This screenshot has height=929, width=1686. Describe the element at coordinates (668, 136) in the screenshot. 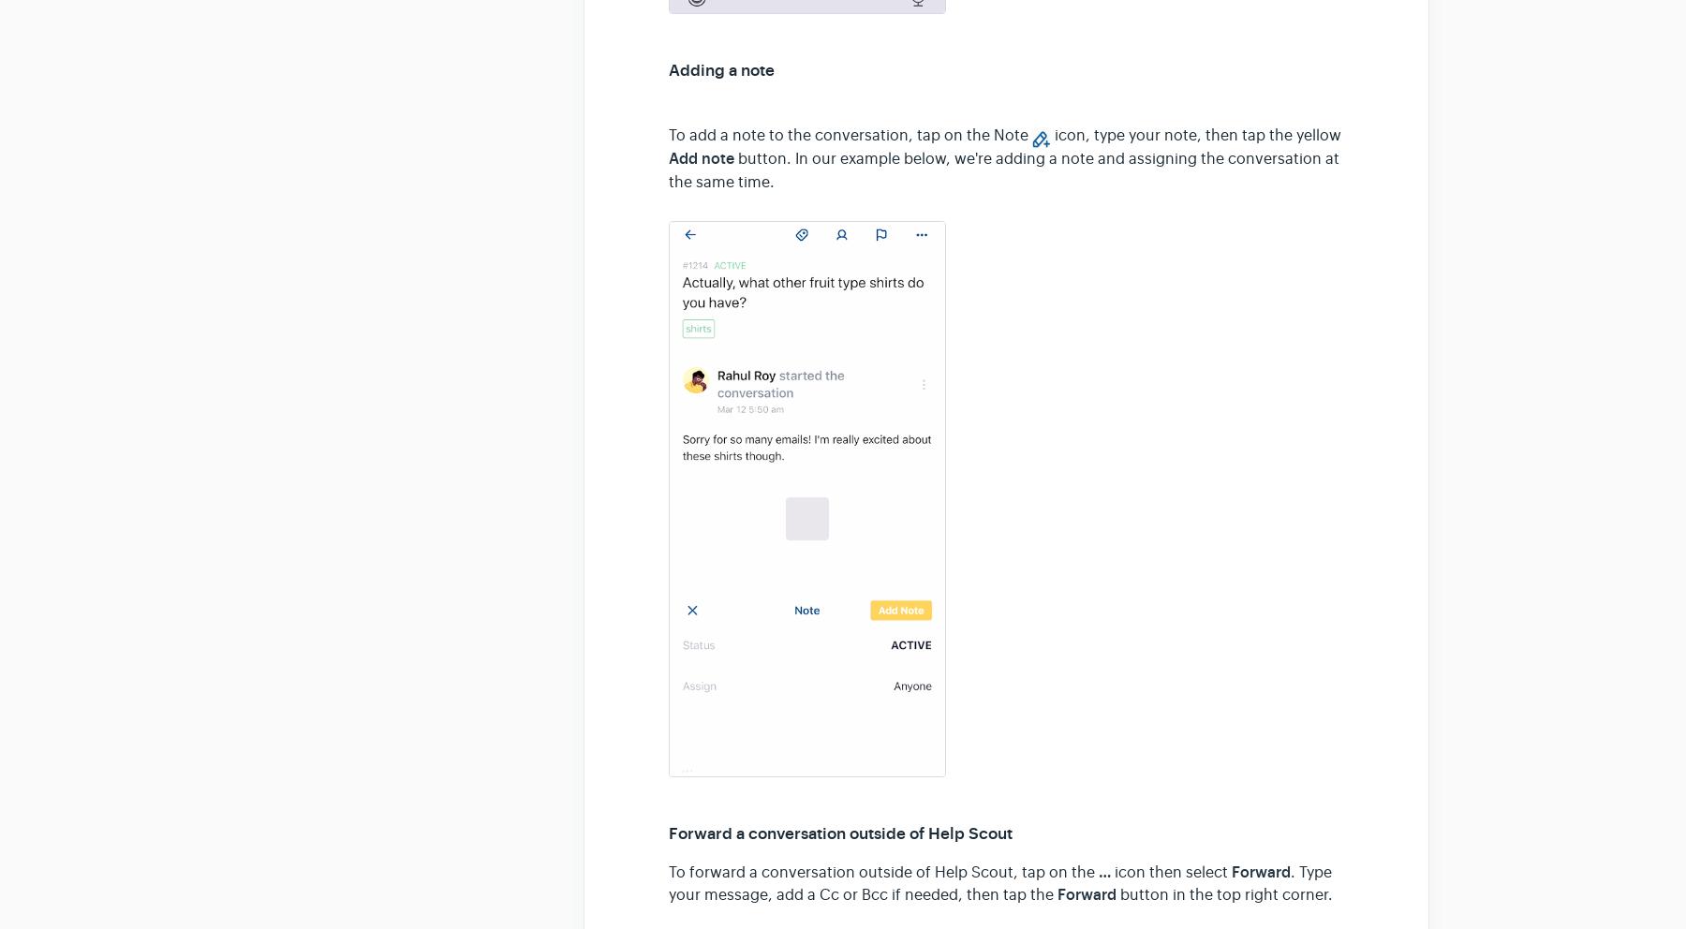

I see `'To add a note to the conversation, tap on the Note'` at that location.